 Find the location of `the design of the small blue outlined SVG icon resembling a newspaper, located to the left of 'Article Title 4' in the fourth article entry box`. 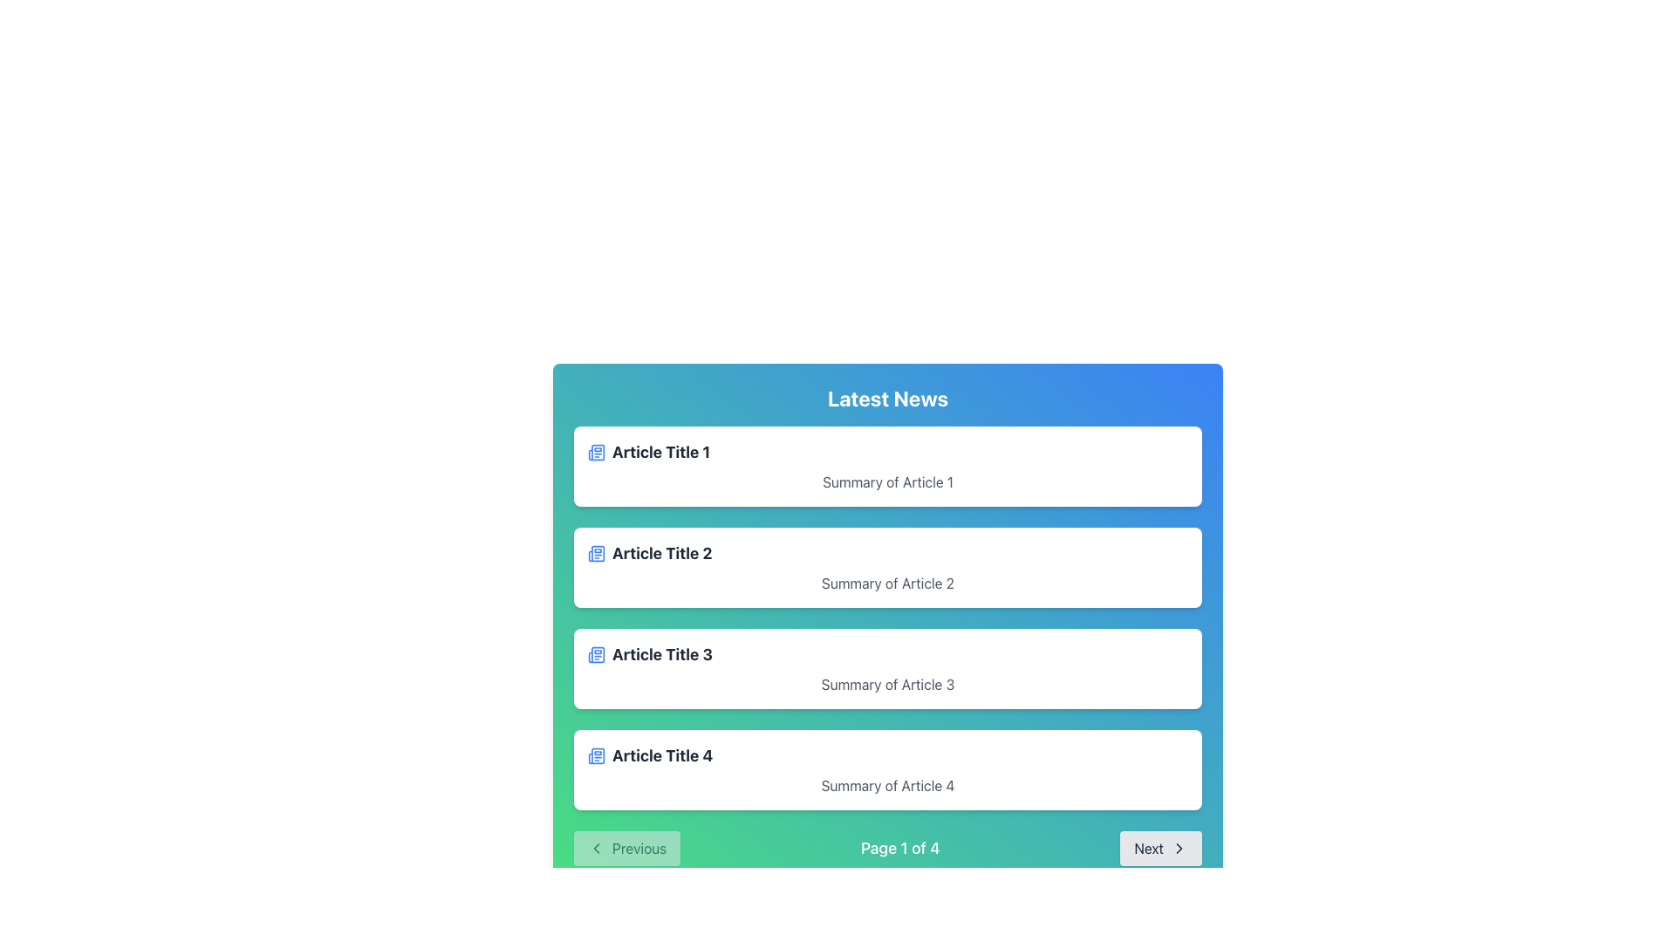

the design of the small blue outlined SVG icon resembling a newspaper, located to the left of 'Article Title 4' in the fourth article entry box is located at coordinates (597, 755).